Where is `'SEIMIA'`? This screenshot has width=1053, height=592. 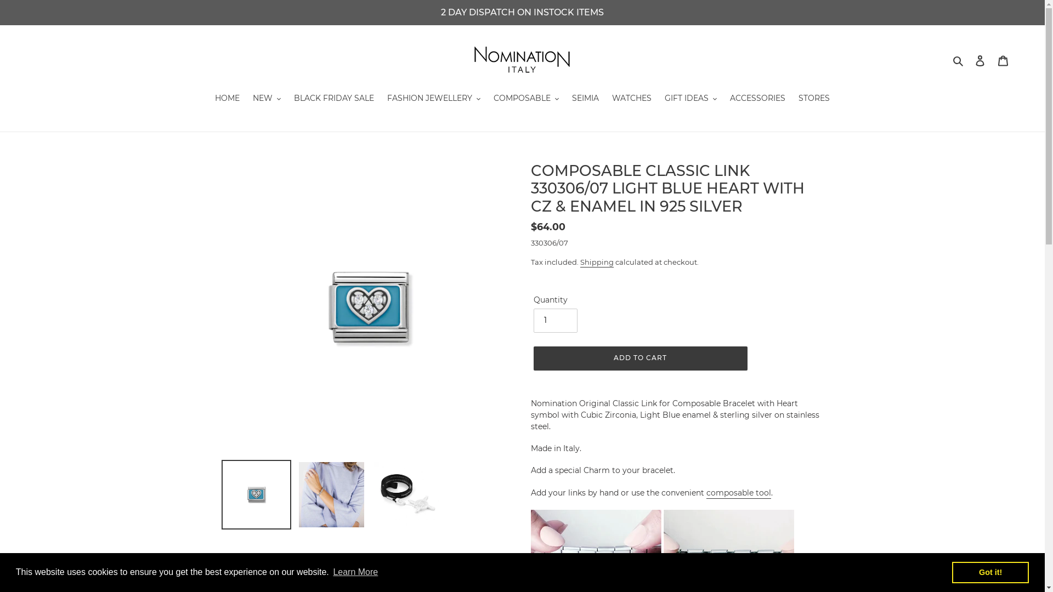
'SEIMIA' is located at coordinates (585, 99).